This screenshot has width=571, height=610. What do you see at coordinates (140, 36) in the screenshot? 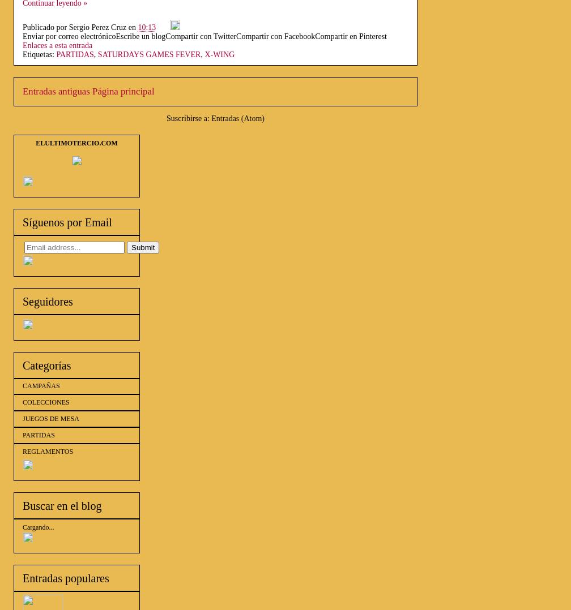
I see `'Escribe un blog'` at bounding box center [140, 36].